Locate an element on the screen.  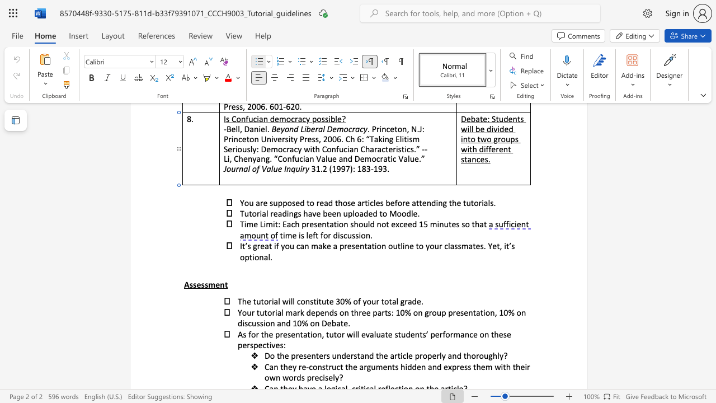
the 2th character "n" in the text is located at coordinates (319, 334).